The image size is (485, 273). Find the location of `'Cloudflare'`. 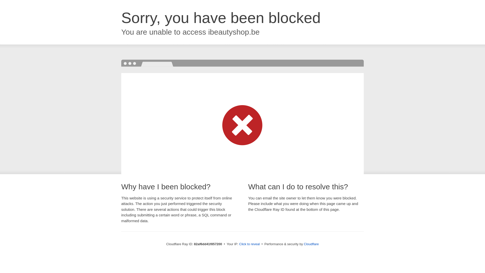

'Cloudflare' is located at coordinates (311, 244).